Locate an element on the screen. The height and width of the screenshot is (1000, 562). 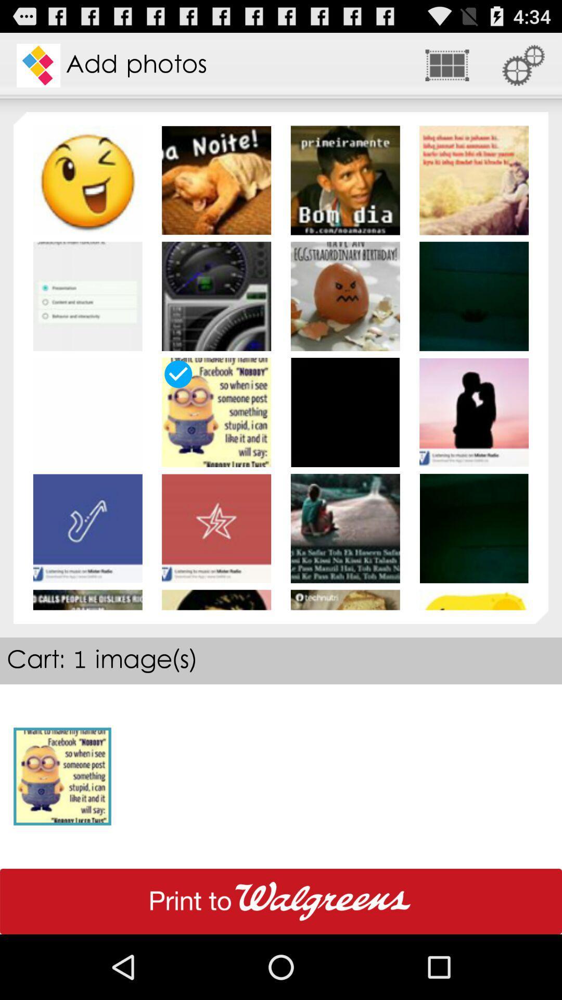
the third image in the second row from left to right is located at coordinates (345, 296).